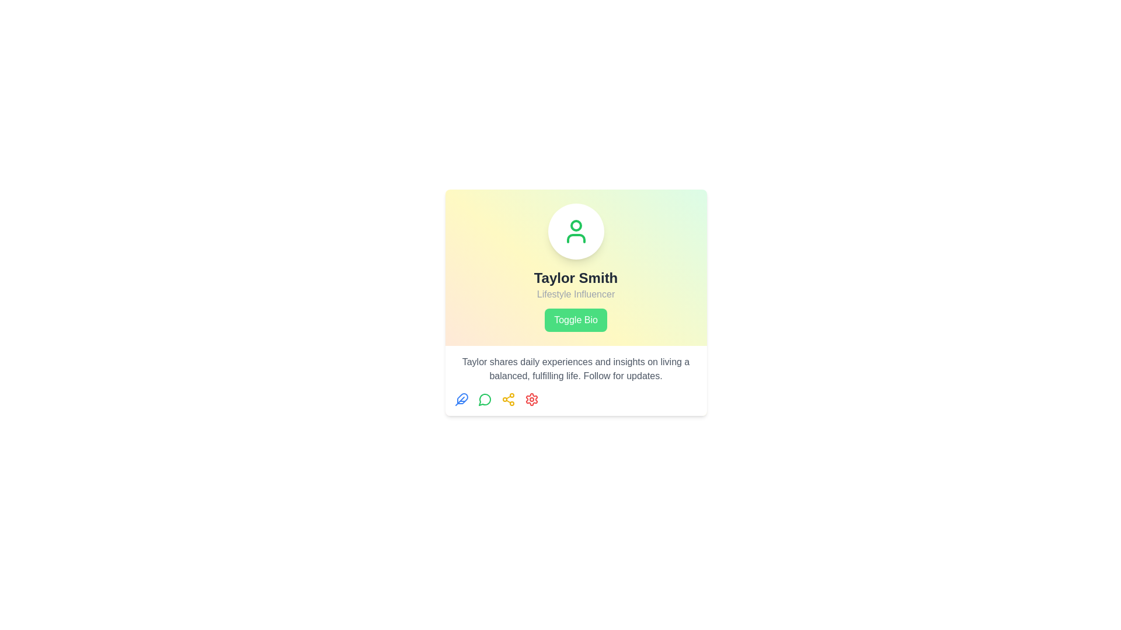 This screenshot has width=1121, height=630. I want to click on the circular SVG element with a green border and white center, which is located above the text 'Taylor Smith' in the avatar component, so click(576, 225).